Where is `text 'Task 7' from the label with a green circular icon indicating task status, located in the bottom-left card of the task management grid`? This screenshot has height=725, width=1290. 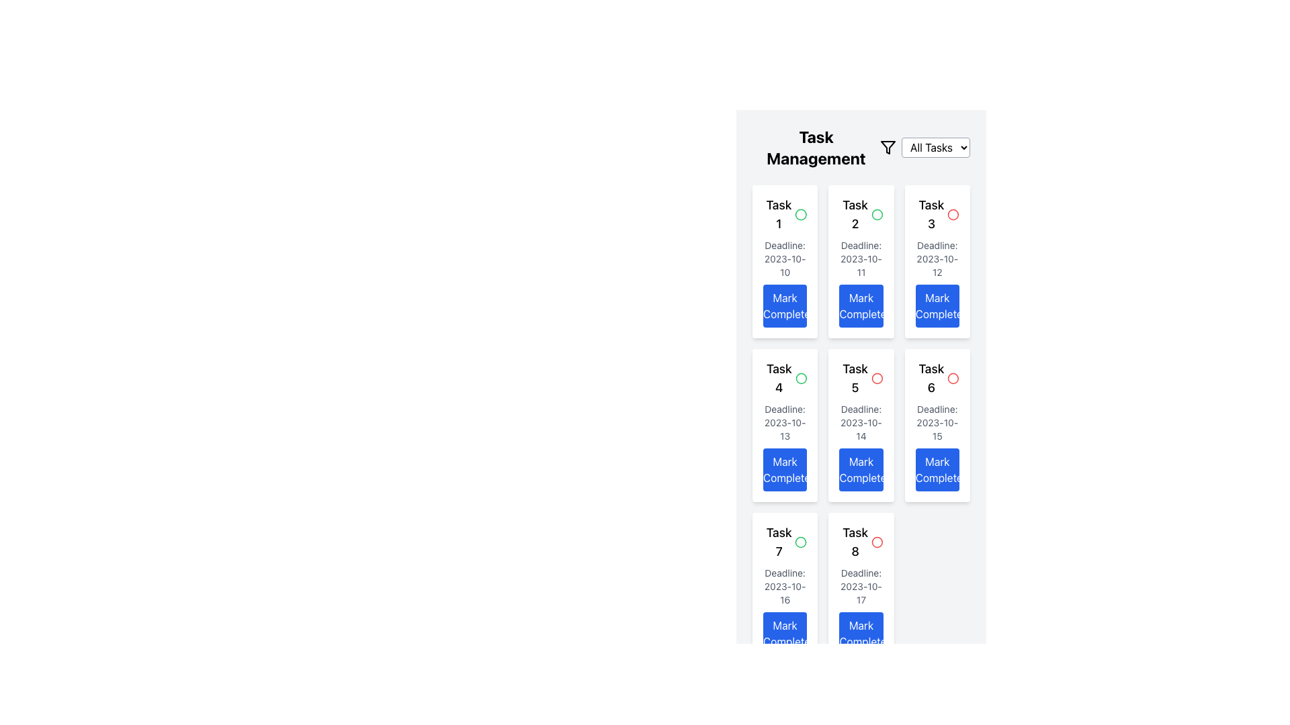 text 'Task 7' from the label with a green circular icon indicating task status, located in the bottom-left card of the task management grid is located at coordinates (785, 541).